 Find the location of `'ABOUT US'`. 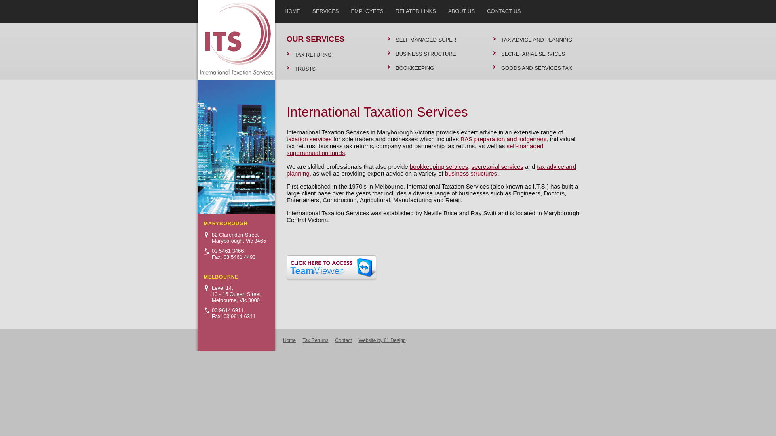

'ABOUT US' is located at coordinates (462, 10).